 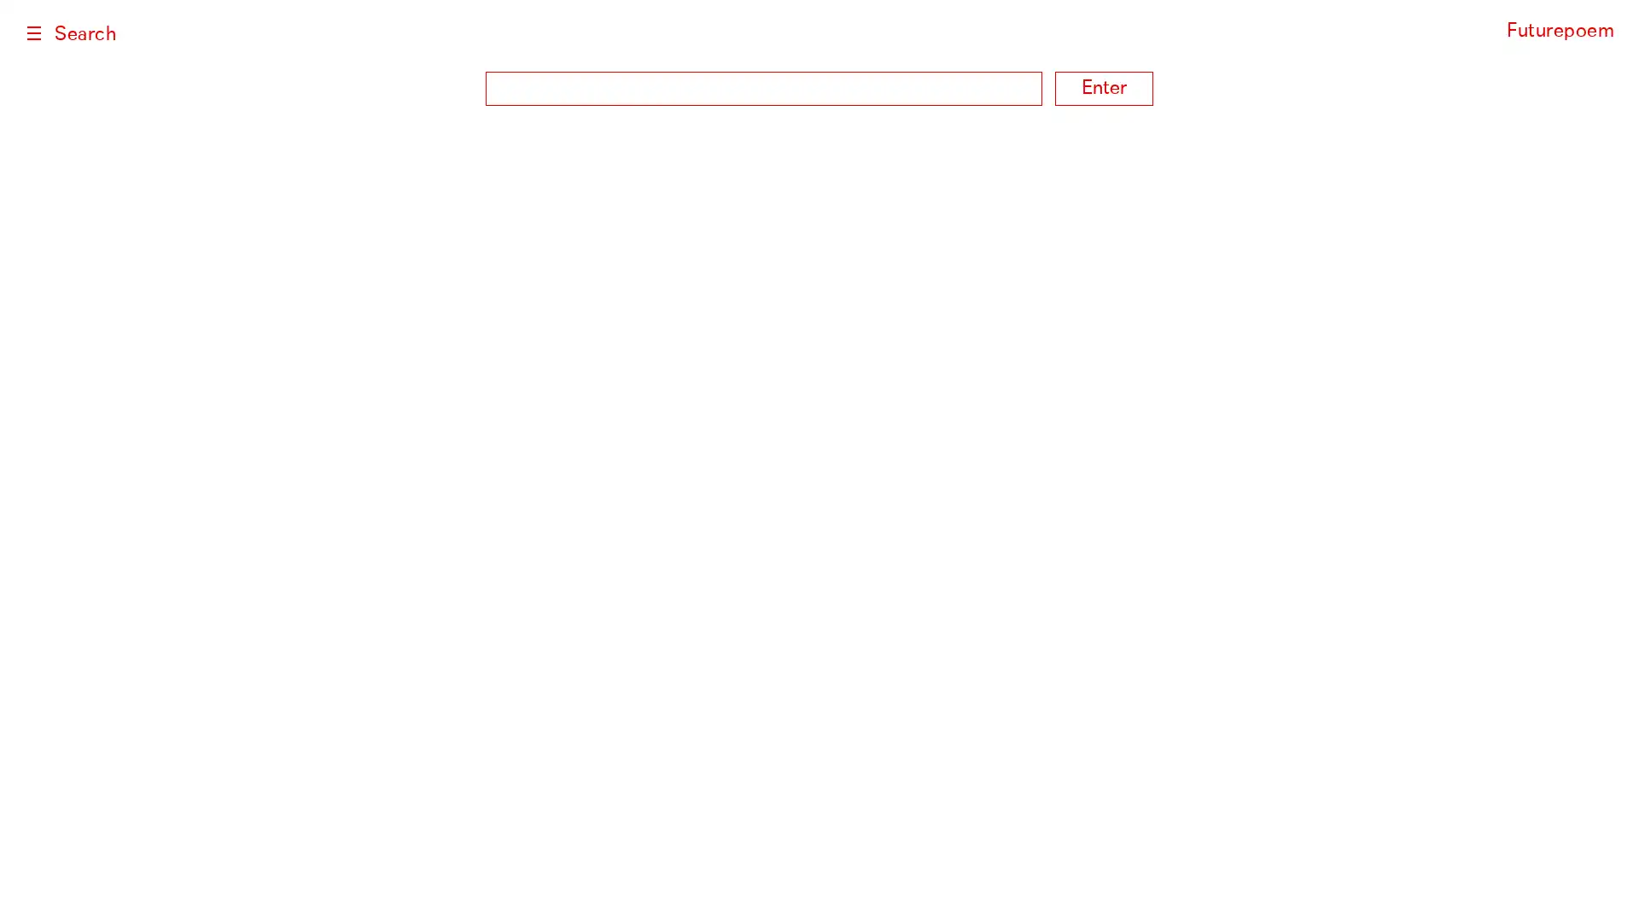 What do you see at coordinates (1104, 89) in the screenshot?
I see `Enter` at bounding box center [1104, 89].